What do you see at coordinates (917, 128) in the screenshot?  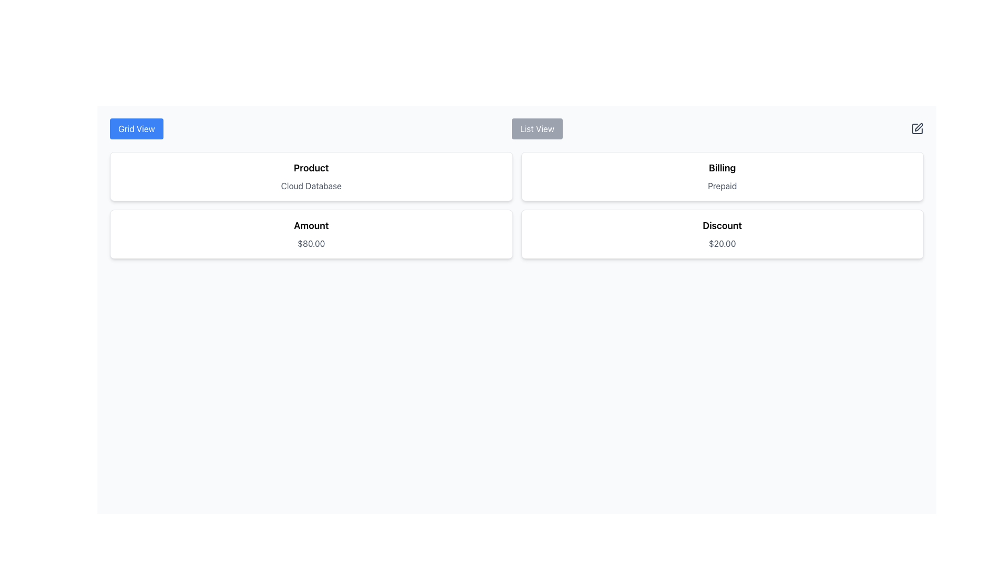 I see `the square part of the editing icon located in the top-right area of the interface` at bounding box center [917, 128].